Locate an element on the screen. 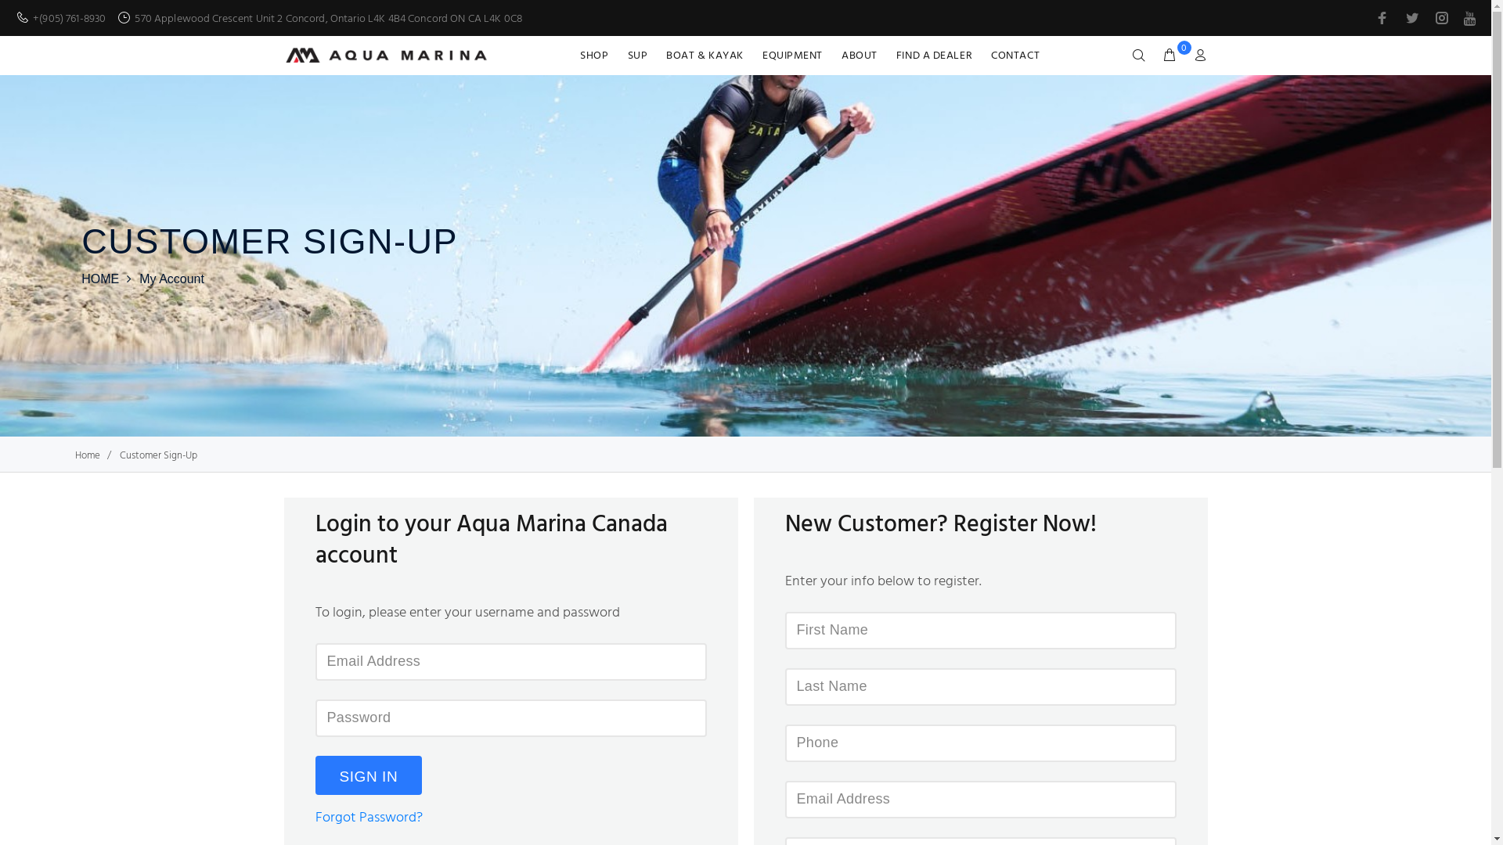 This screenshot has width=1503, height=845. 'Last Name' is located at coordinates (979, 686).